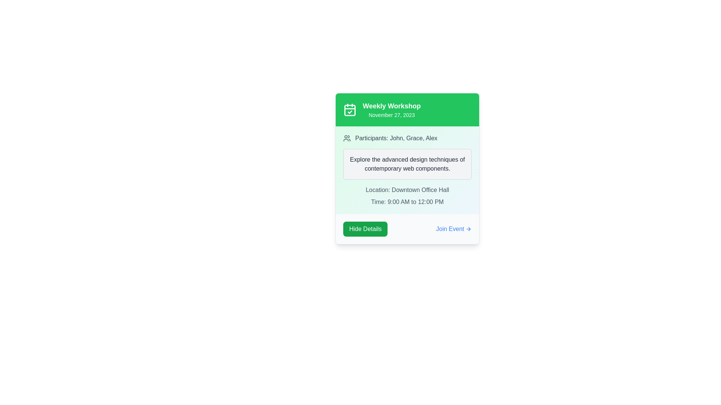 This screenshot has height=405, width=721. Describe the element at coordinates (365, 228) in the screenshot. I see `the button that toggles the visibility of the details section in the card, located to the left of the blue 'Join Event' text link` at that location.